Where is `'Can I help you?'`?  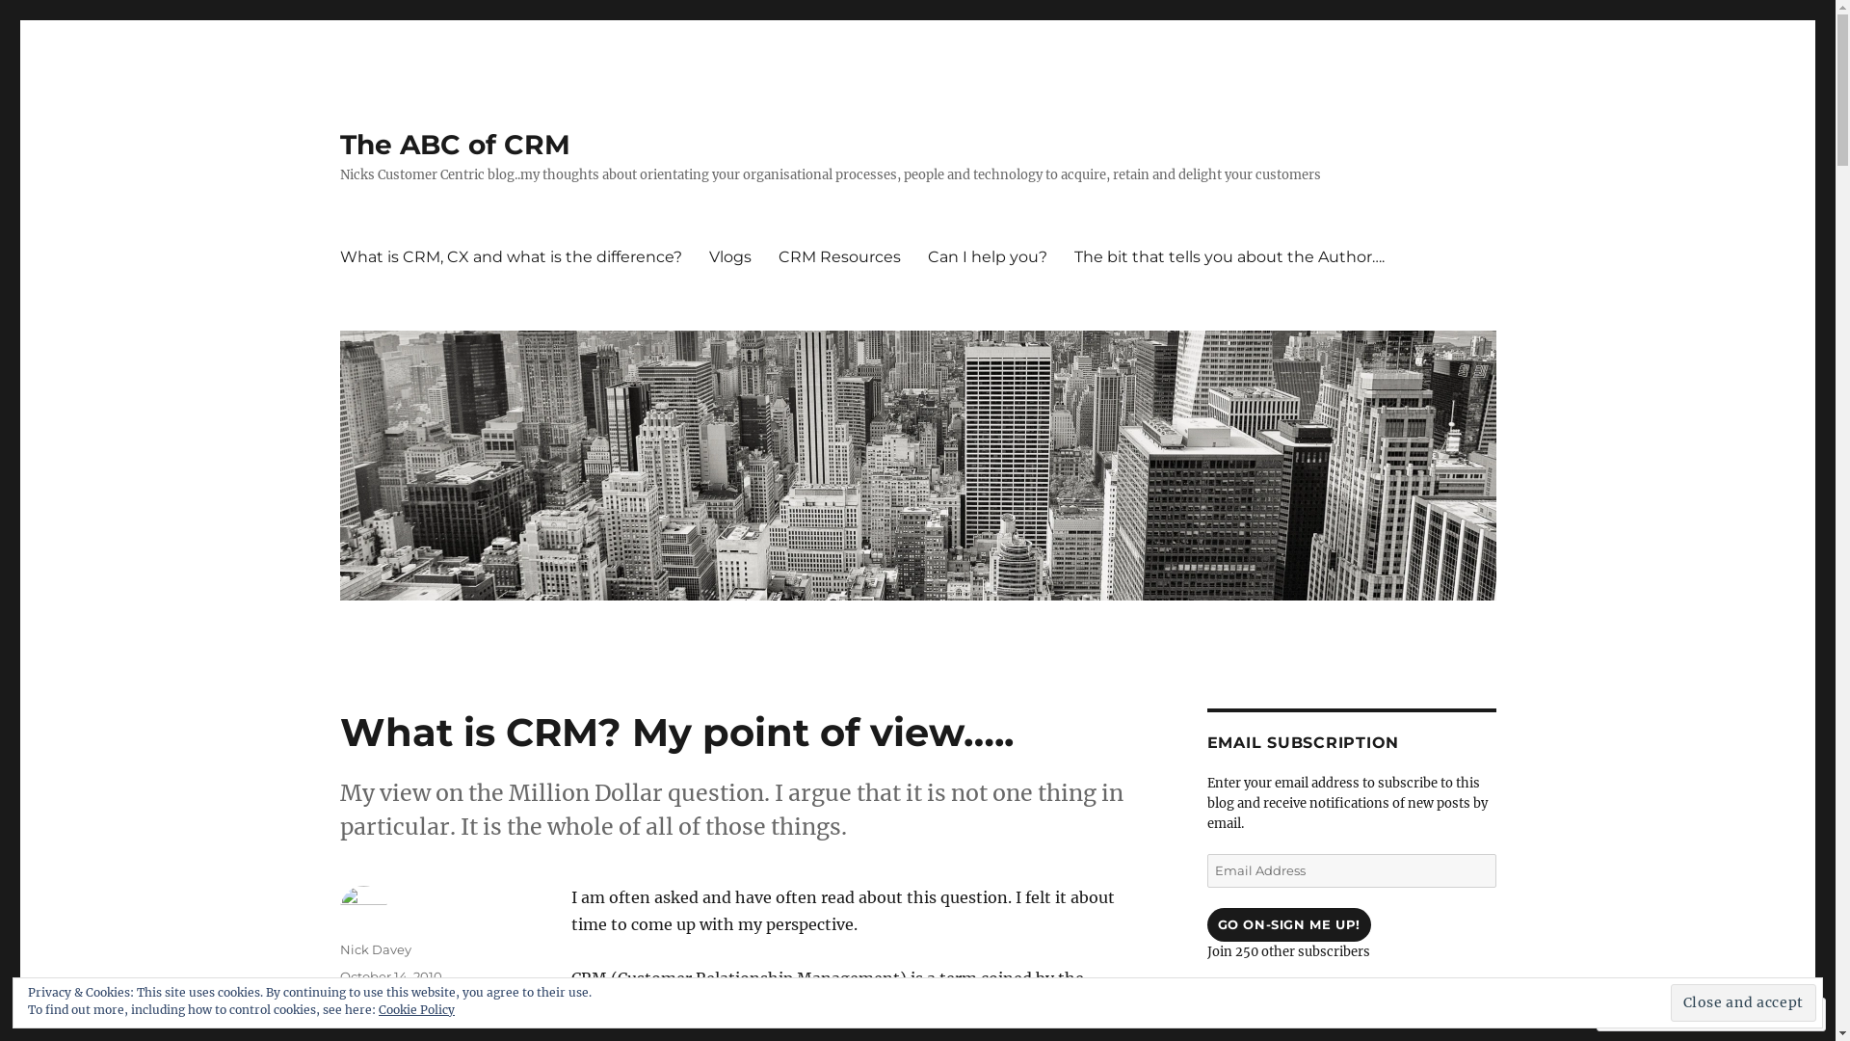
'Can I help you?' is located at coordinates (986, 255).